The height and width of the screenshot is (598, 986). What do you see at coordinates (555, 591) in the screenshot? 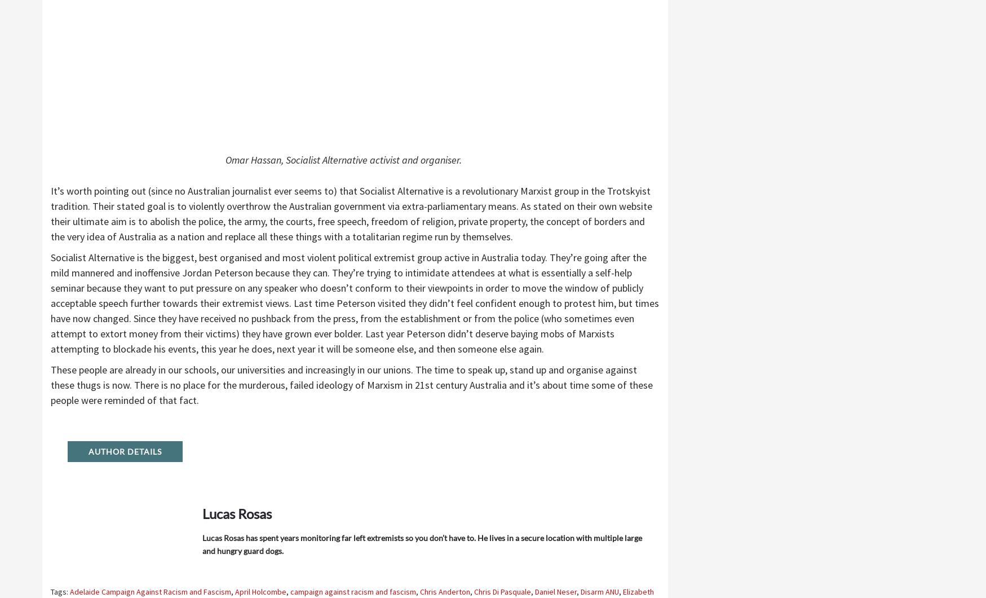
I see `'Daniel Neser'` at bounding box center [555, 591].